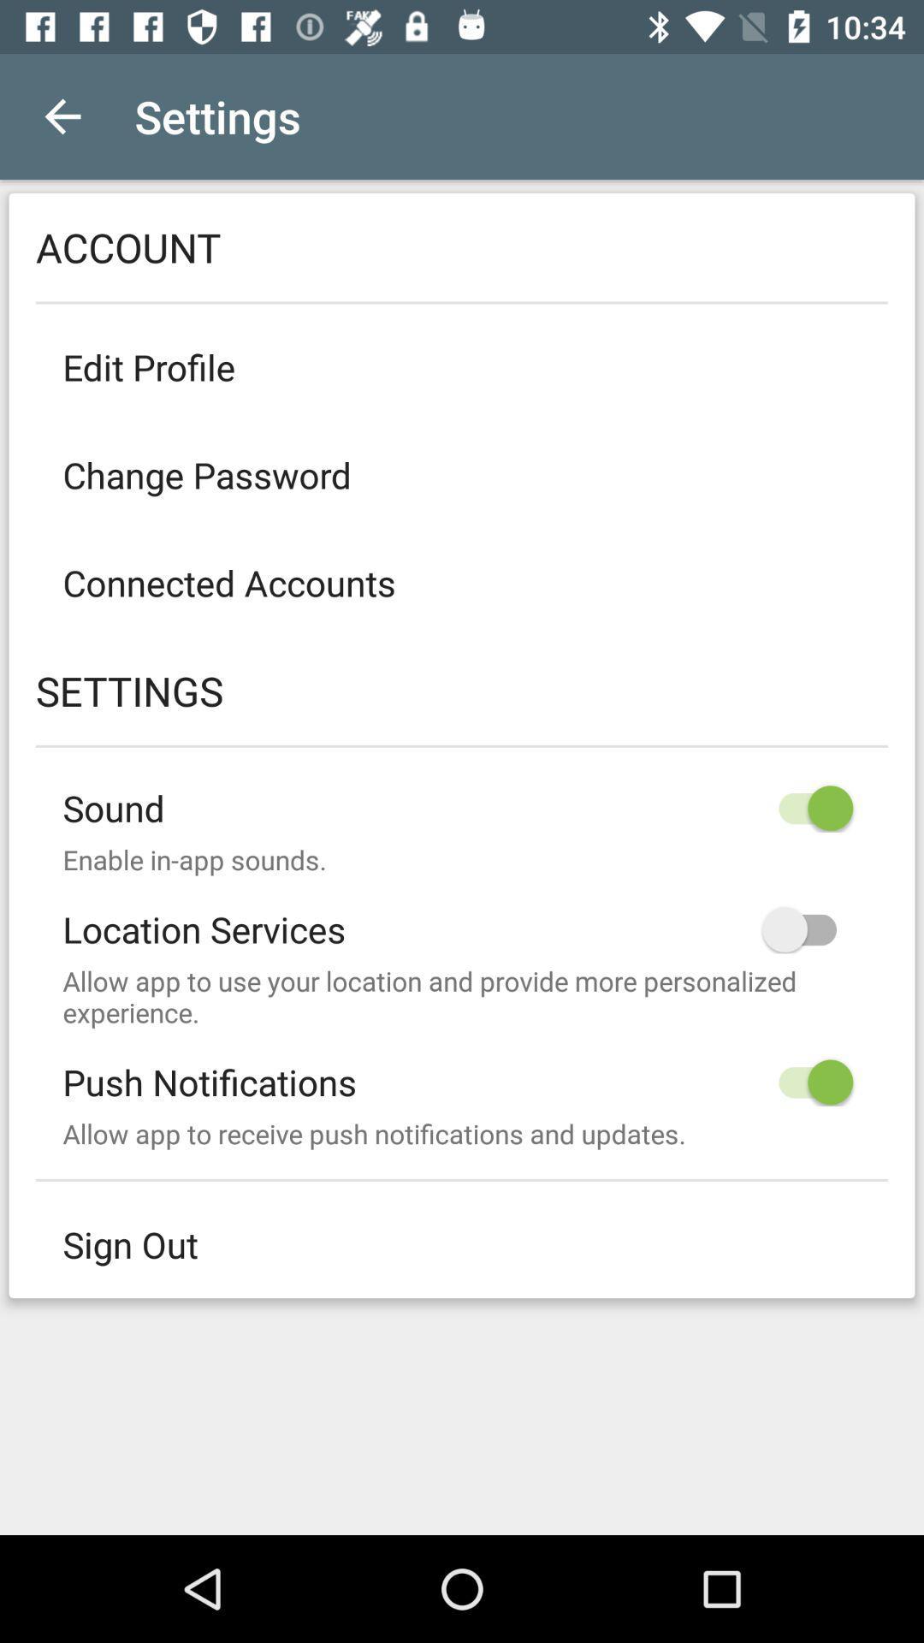 The height and width of the screenshot is (1643, 924). Describe the element at coordinates (462, 365) in the screenshot. I see `edit profile icon` at that location.